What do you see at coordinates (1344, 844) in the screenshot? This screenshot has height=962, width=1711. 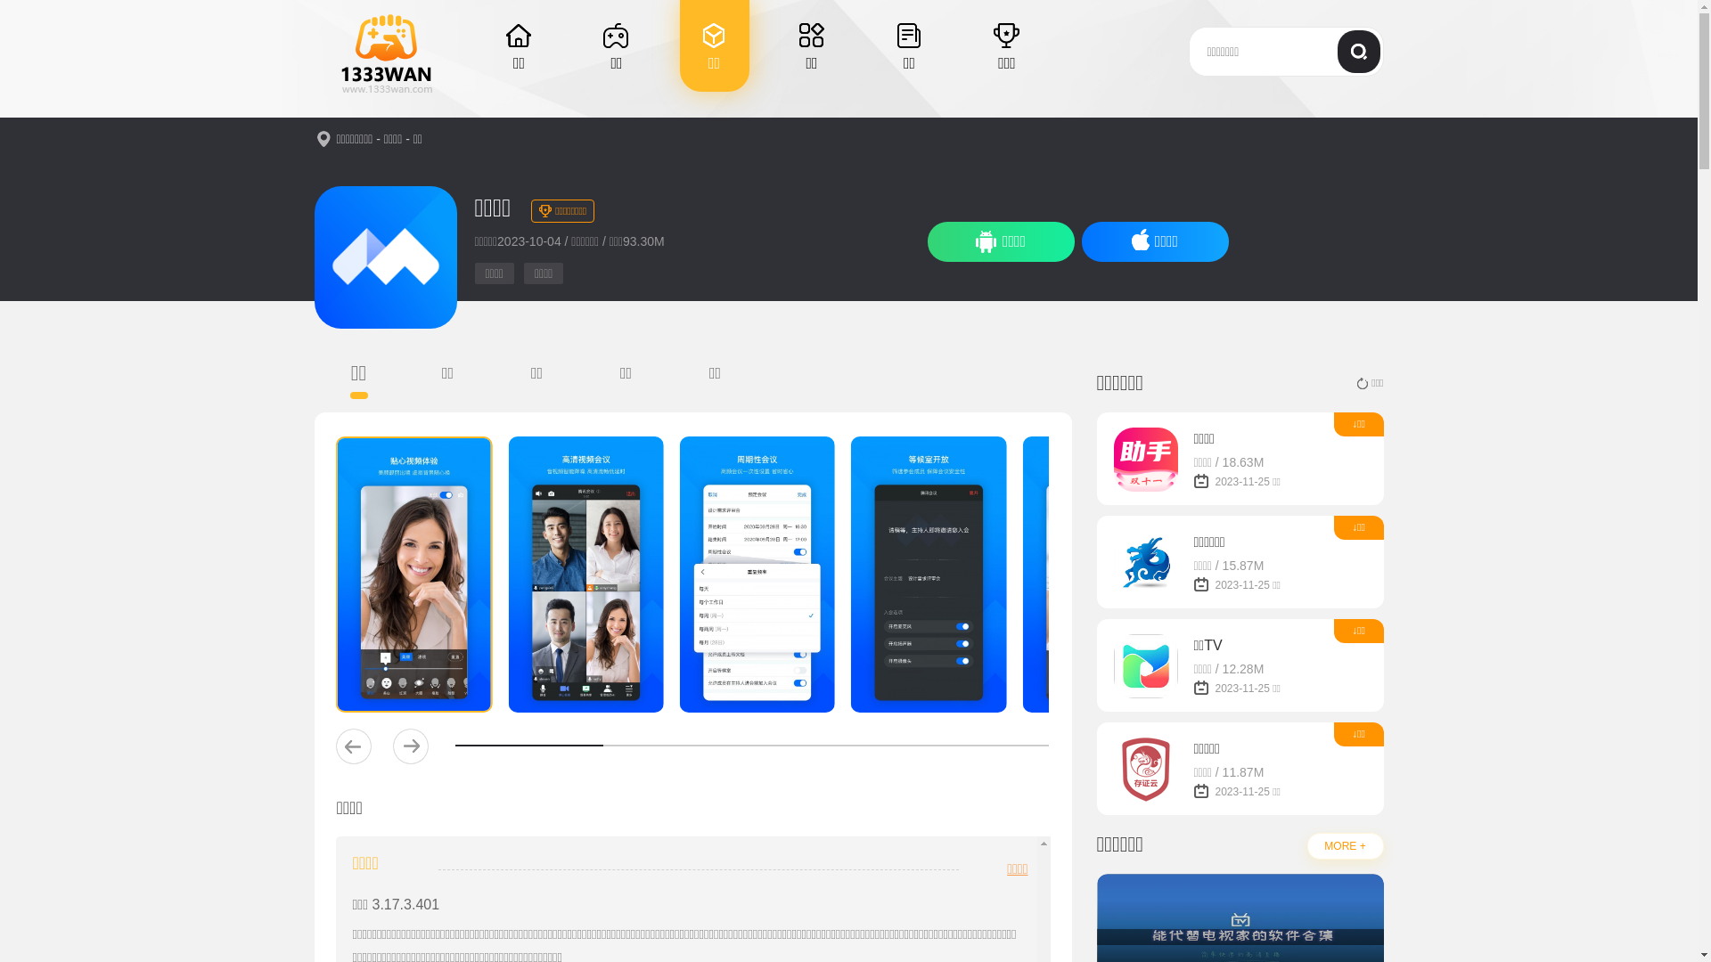 I see `'MORE +'` at bounding box center [1344, 844].